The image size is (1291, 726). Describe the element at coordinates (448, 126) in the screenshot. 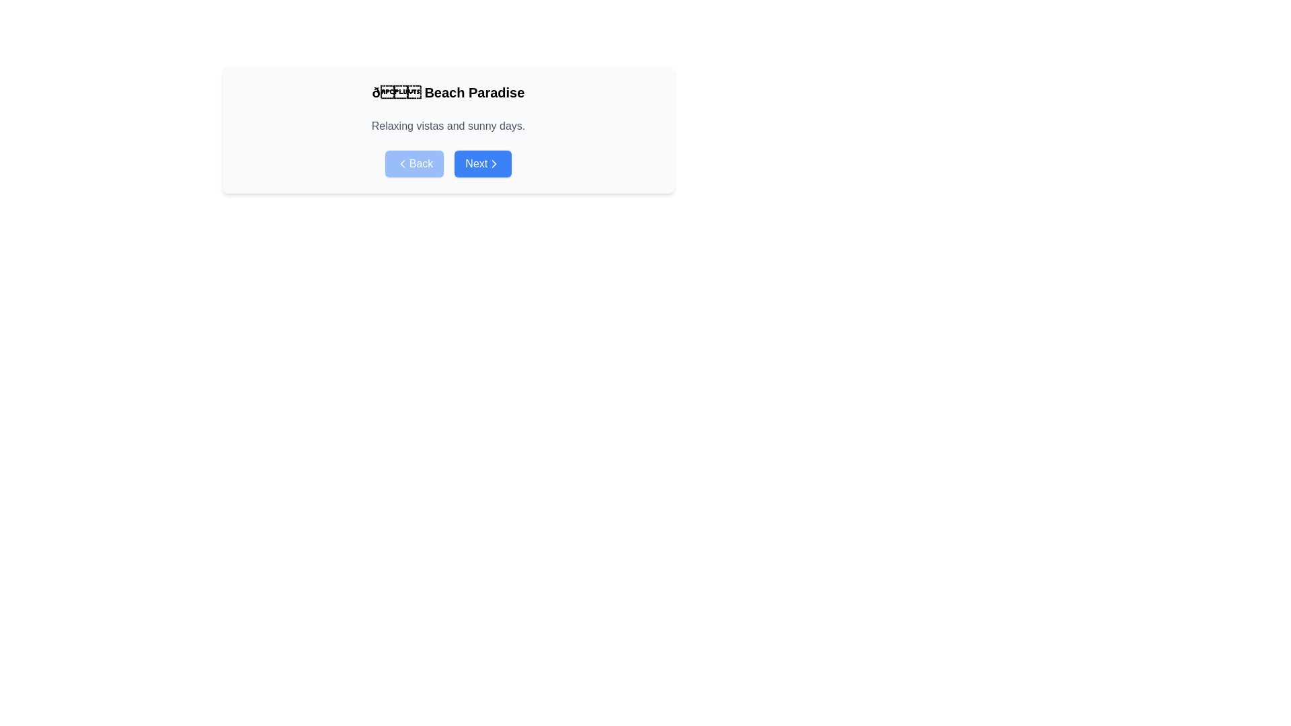

I see `the descriptive subtitle text that supports the title 'ð🌊 Beach Paradise', positioned directly below it and above the navigation bar` at that location.